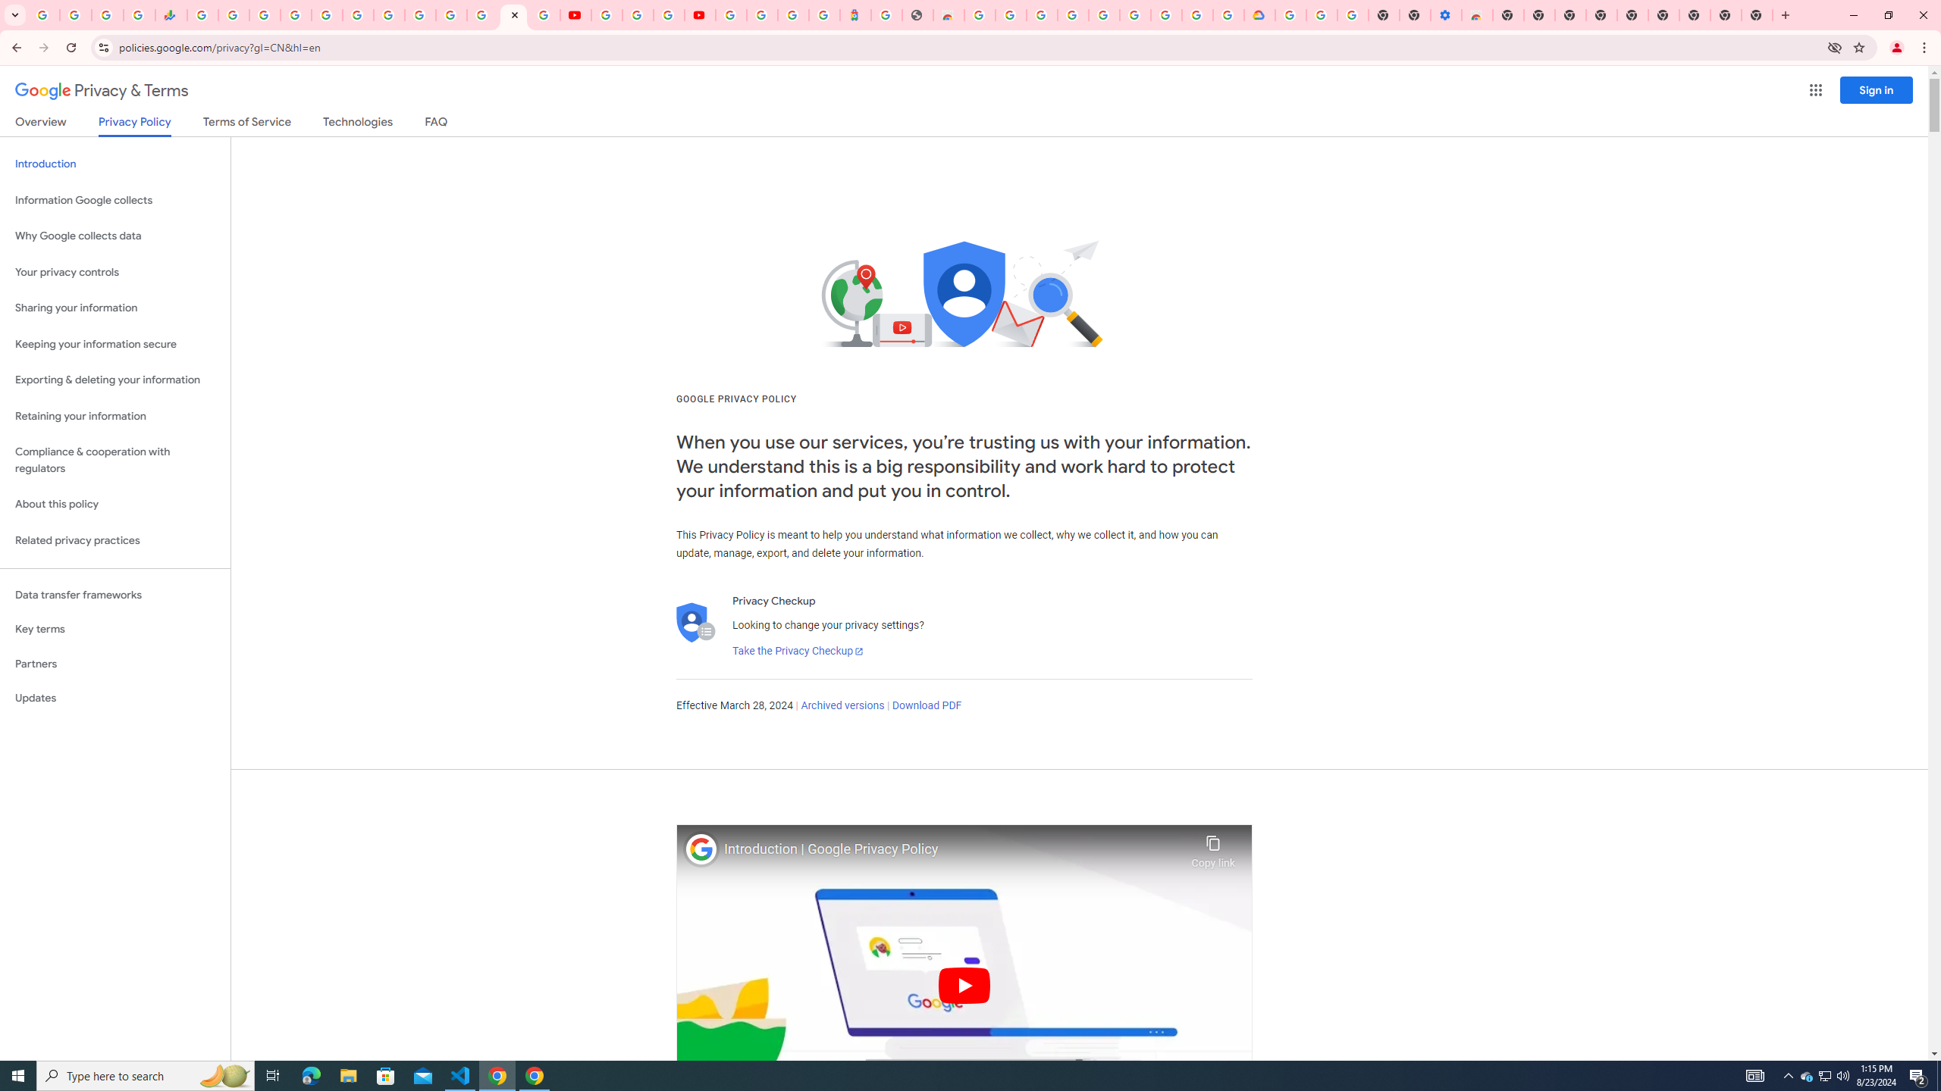  What do you see at coordinates (698, 14) in the screenshot?
I see `'Content Creator Programs & Opportunities - YouTube Creators'` at bounding box center [698, 14].